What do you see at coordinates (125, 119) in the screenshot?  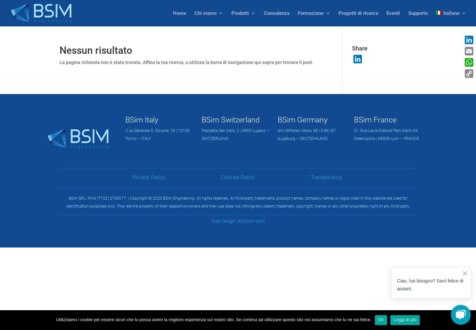 I see `'BSim Italy'` at bounding box center [125, 119].